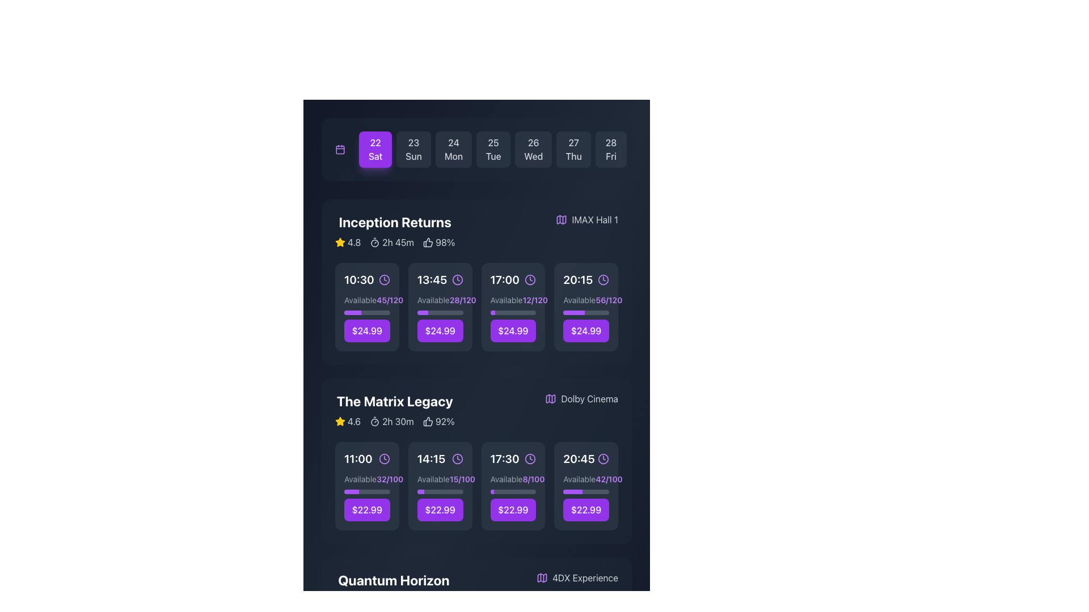 The width and height of the screenshot is (1089, 612). Describe the element at coordinates (367, 491) in the screenshot. I see `the progress bar located directly below the text 'Available 32/100' and above the button labeled '$22.99' in the '11:00' session of 'The Matrix Legacy', which is in the leftmost card of the second row` at that location.